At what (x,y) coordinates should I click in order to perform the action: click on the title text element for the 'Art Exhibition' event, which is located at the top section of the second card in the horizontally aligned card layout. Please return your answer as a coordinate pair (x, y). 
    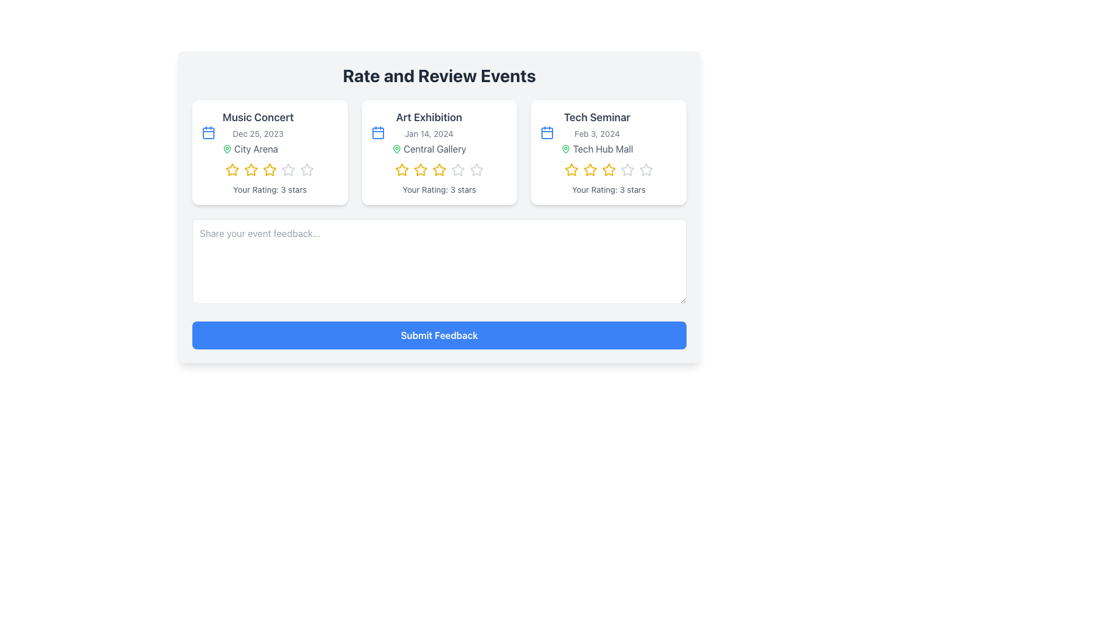
    Looking at the image, I should click on (428, 117).